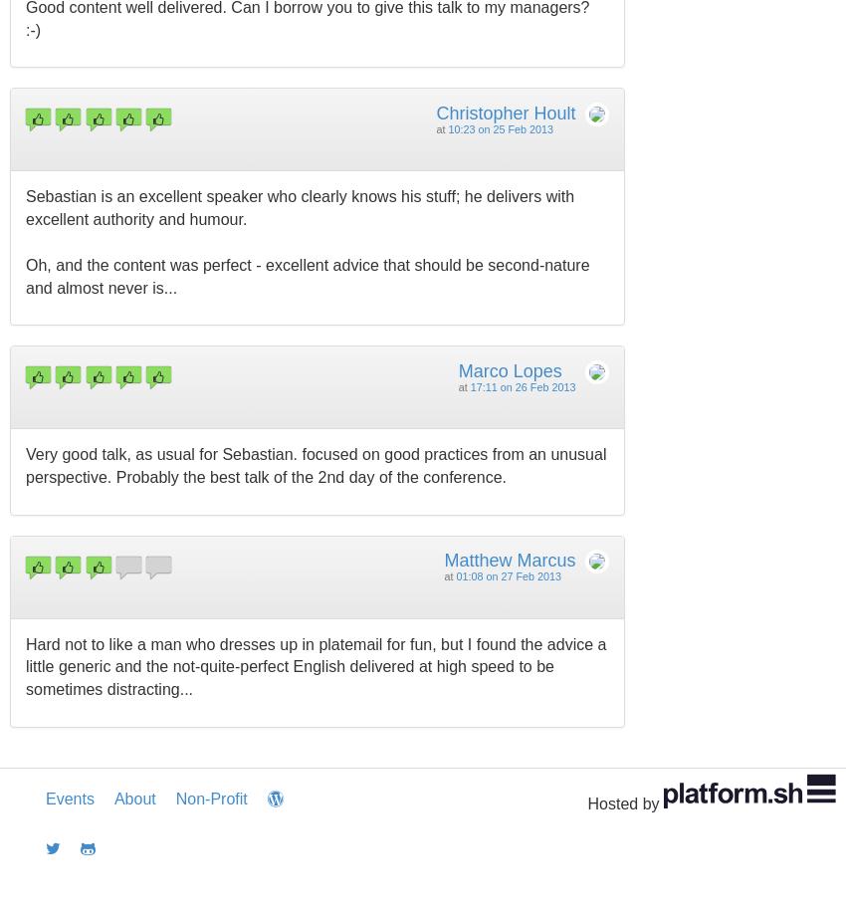 This screenshot has width=846, height=915. Describe the element at coordinates (209, 799) in the screenshot. I see `'Non-Profit'` at that location.